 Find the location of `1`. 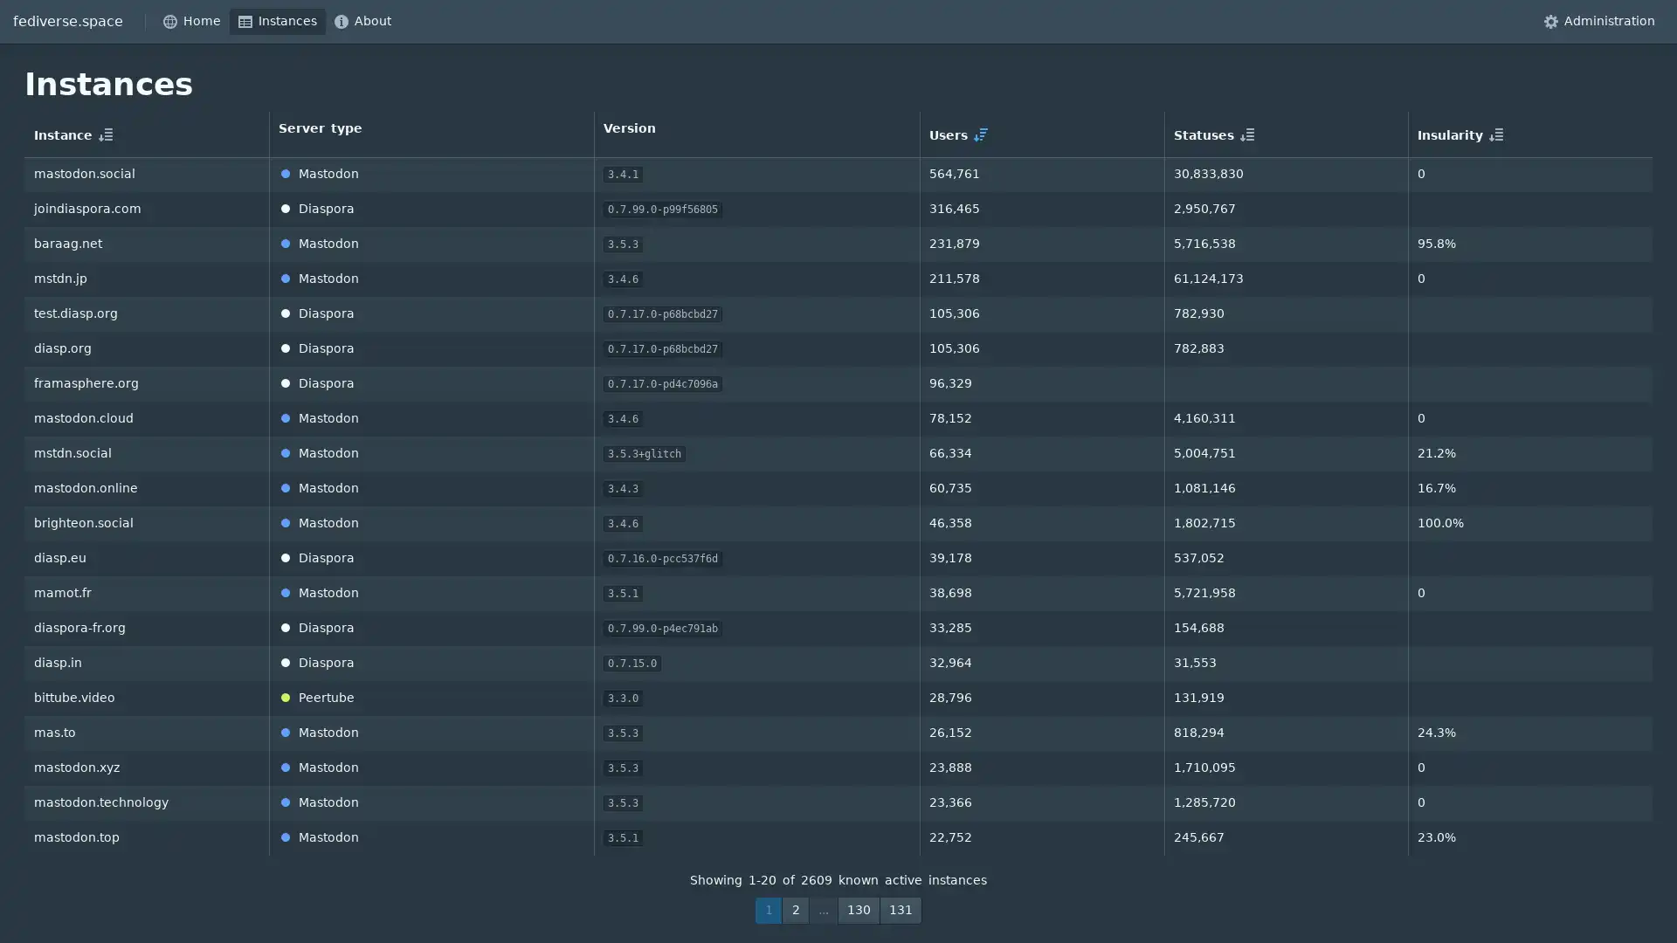

1 is located at coordinates (768, 909).